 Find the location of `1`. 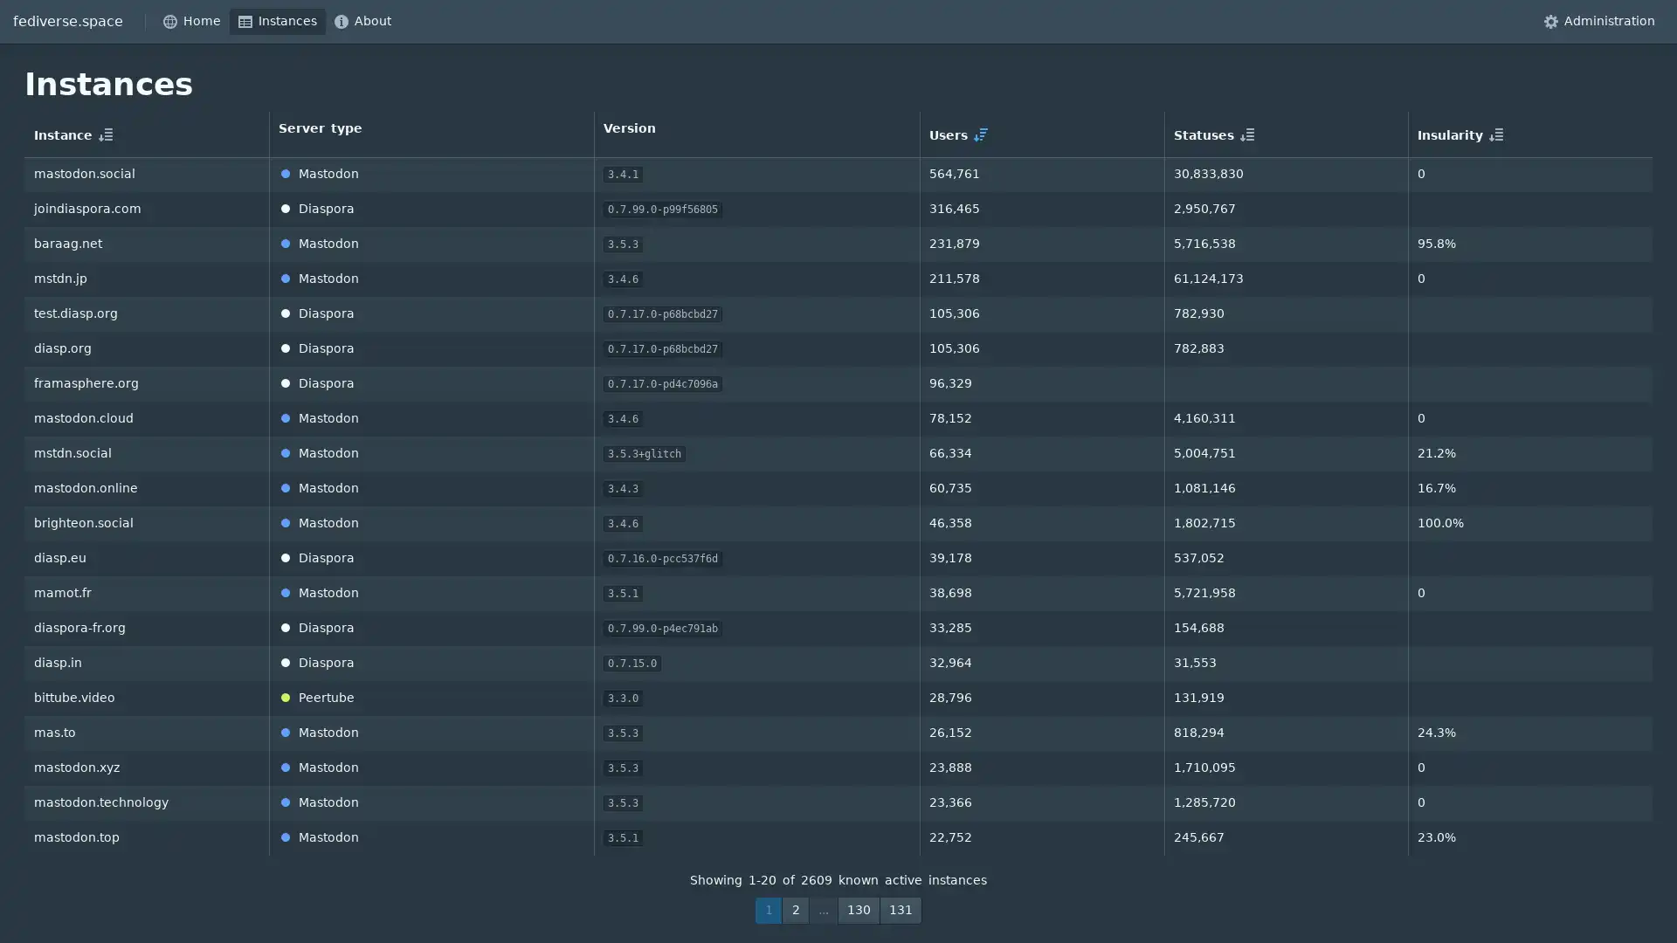

1 is located at coordinates (768, 909).